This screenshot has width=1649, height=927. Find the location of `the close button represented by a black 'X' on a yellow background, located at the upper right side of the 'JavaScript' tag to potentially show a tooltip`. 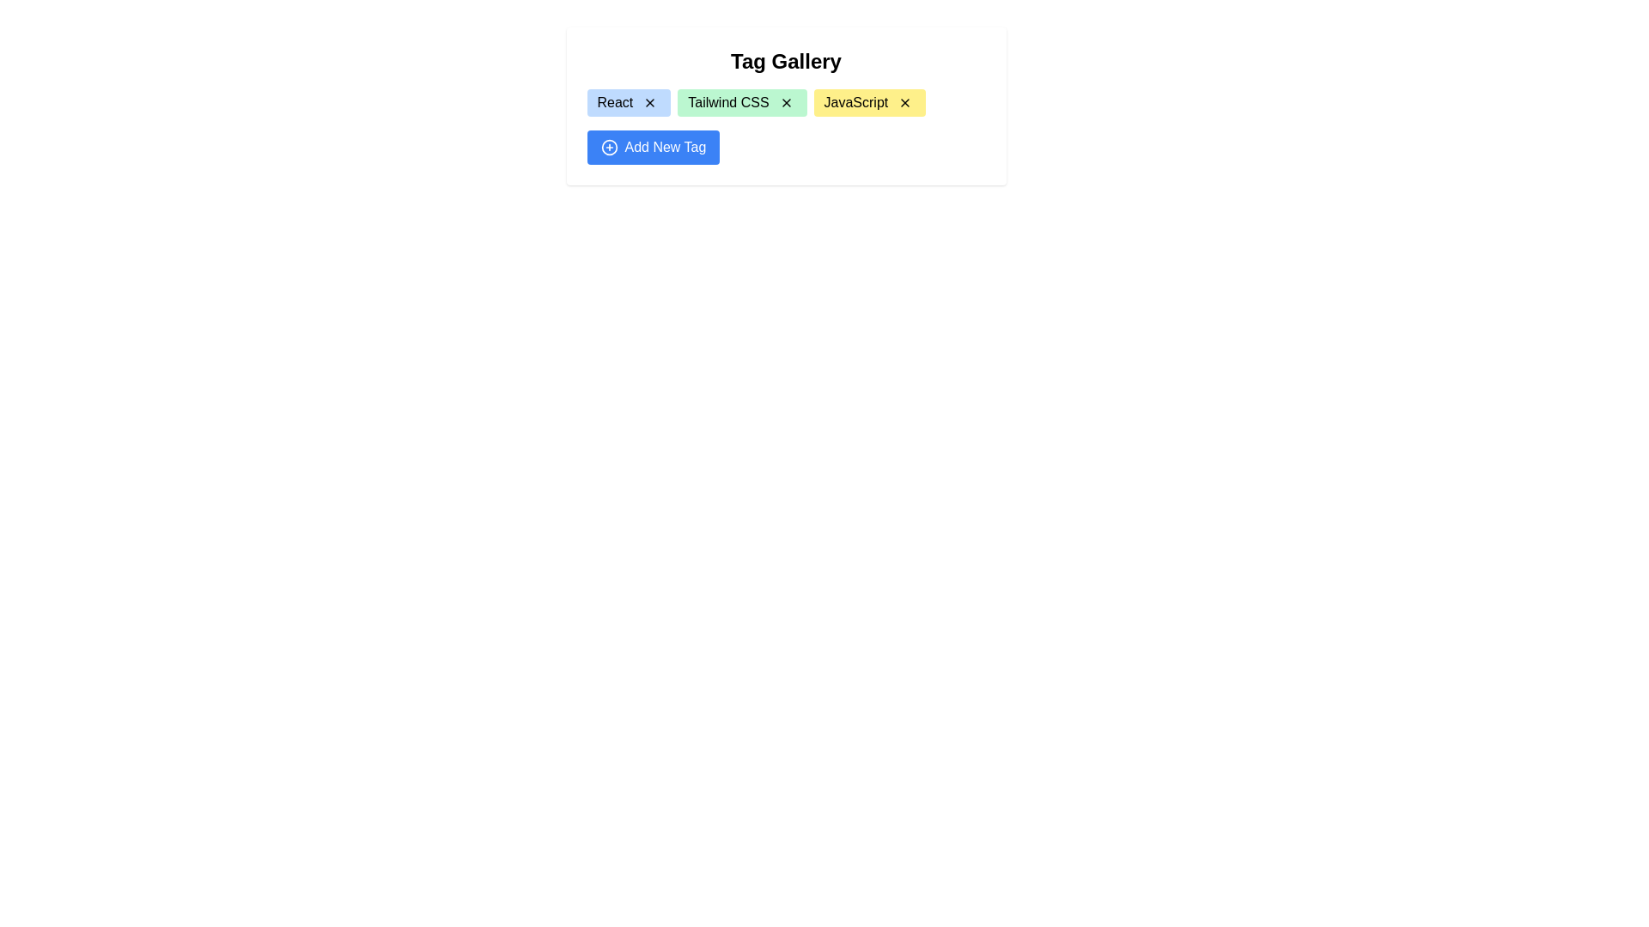

the close button represented by a black 'X' on a yellow background, located at the upper right side of the 'JavaScript' tag to potentially show a tooltip is located at coordinates (904, 102).